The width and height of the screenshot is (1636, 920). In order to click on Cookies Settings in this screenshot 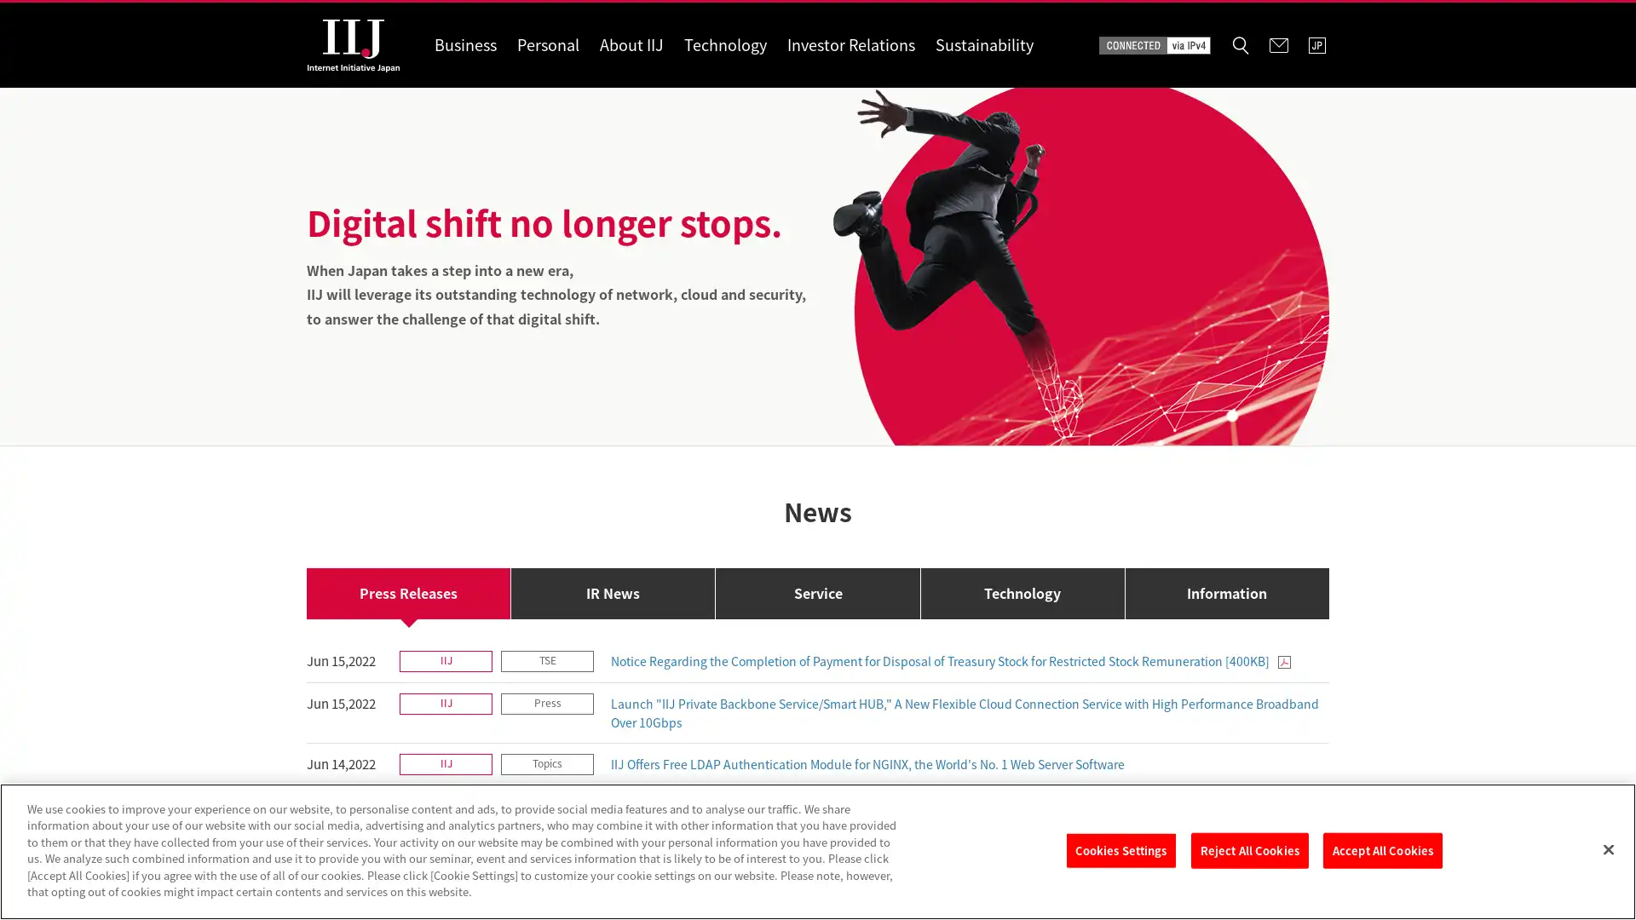, I will do `click(1120, 850)`.